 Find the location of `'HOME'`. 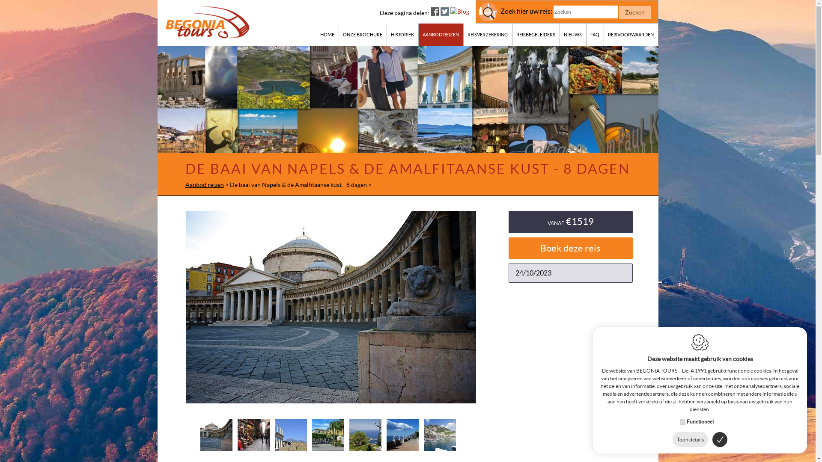

'HOME' is located at coordinates (327, 34).